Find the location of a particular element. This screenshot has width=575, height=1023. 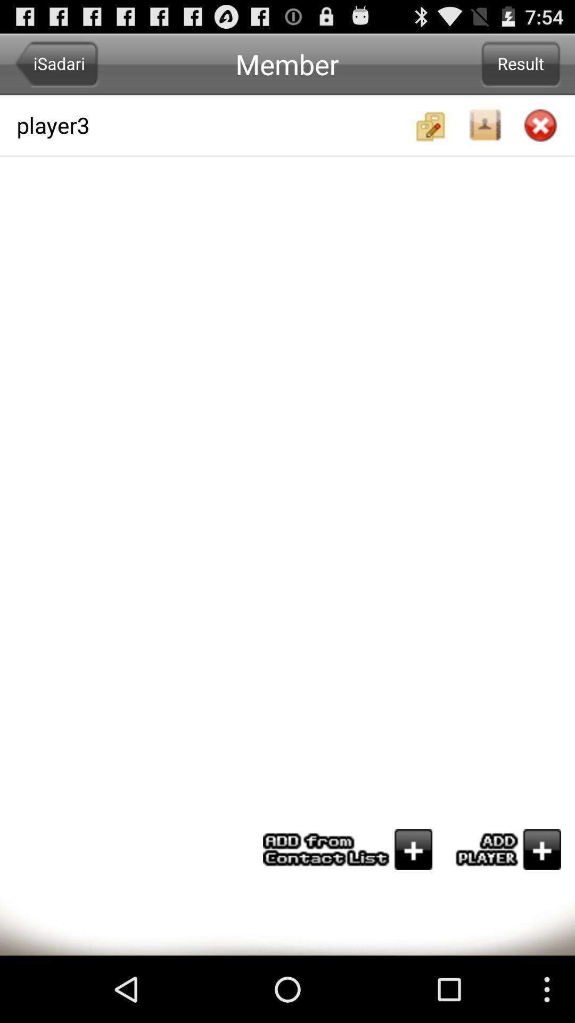

close is located at coordinates (540, 126).